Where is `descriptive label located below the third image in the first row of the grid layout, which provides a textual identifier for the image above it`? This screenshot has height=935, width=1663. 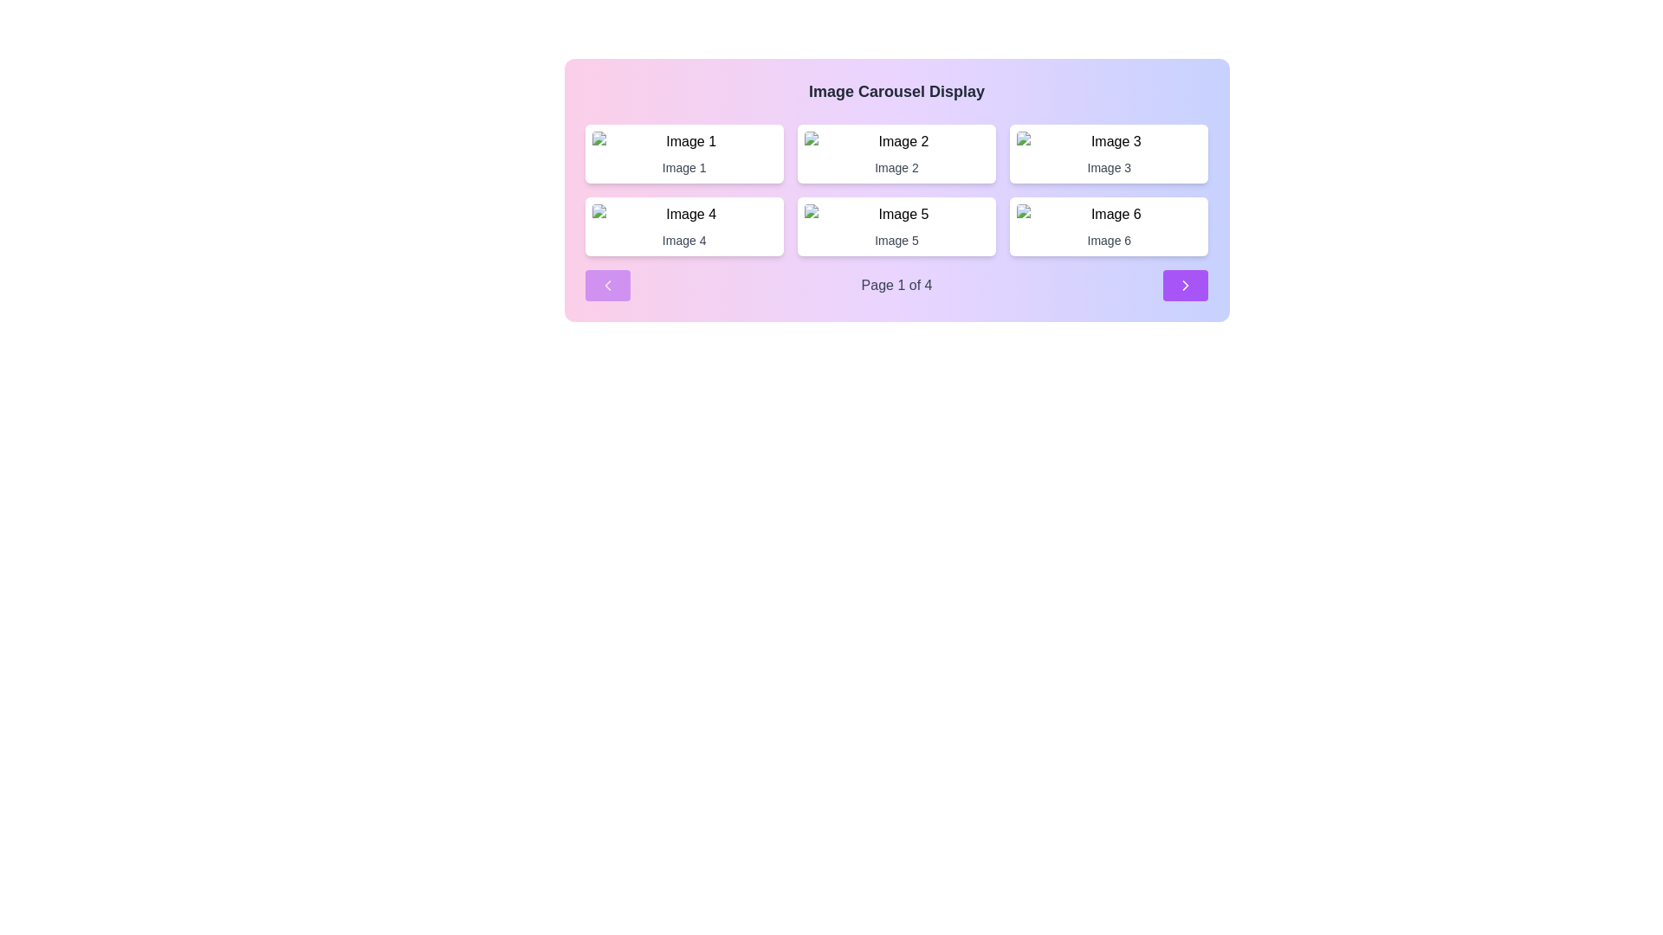 descriptive label located below the third image in the first row of the grid layout, which provides a textual identifier for the image above it is located at coordinates (1109, 167).